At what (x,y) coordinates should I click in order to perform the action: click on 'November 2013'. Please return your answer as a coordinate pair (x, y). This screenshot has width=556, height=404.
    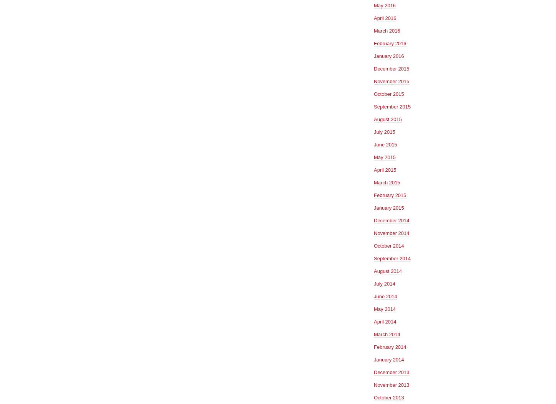
    Looking at the image, I should click on (391, 384).